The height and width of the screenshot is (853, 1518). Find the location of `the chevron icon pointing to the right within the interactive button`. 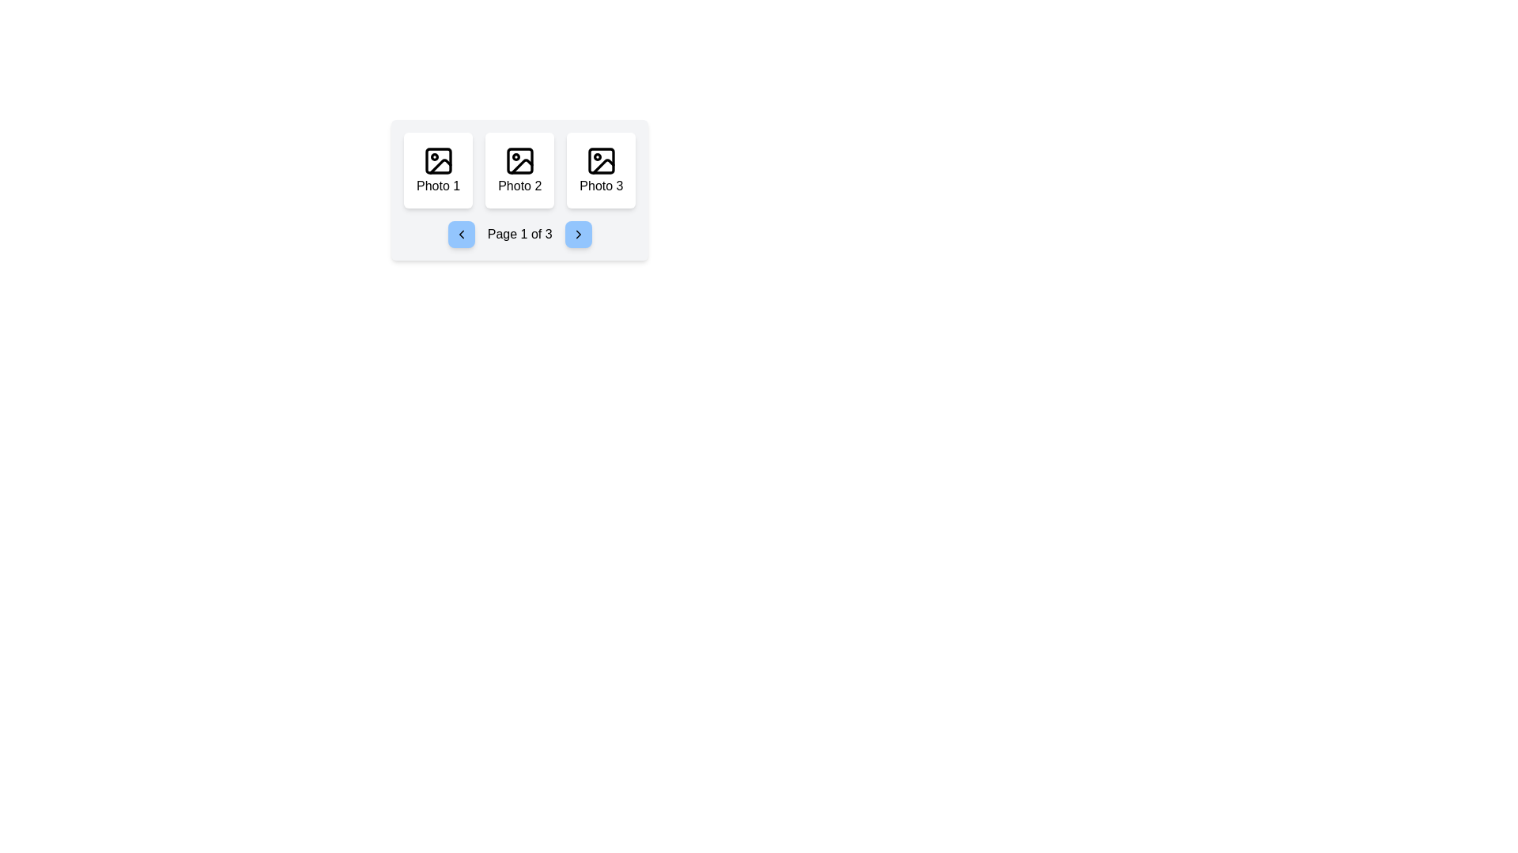

the chevron icon pointing to the right within the interactive button is located at coordinates (577, 235).